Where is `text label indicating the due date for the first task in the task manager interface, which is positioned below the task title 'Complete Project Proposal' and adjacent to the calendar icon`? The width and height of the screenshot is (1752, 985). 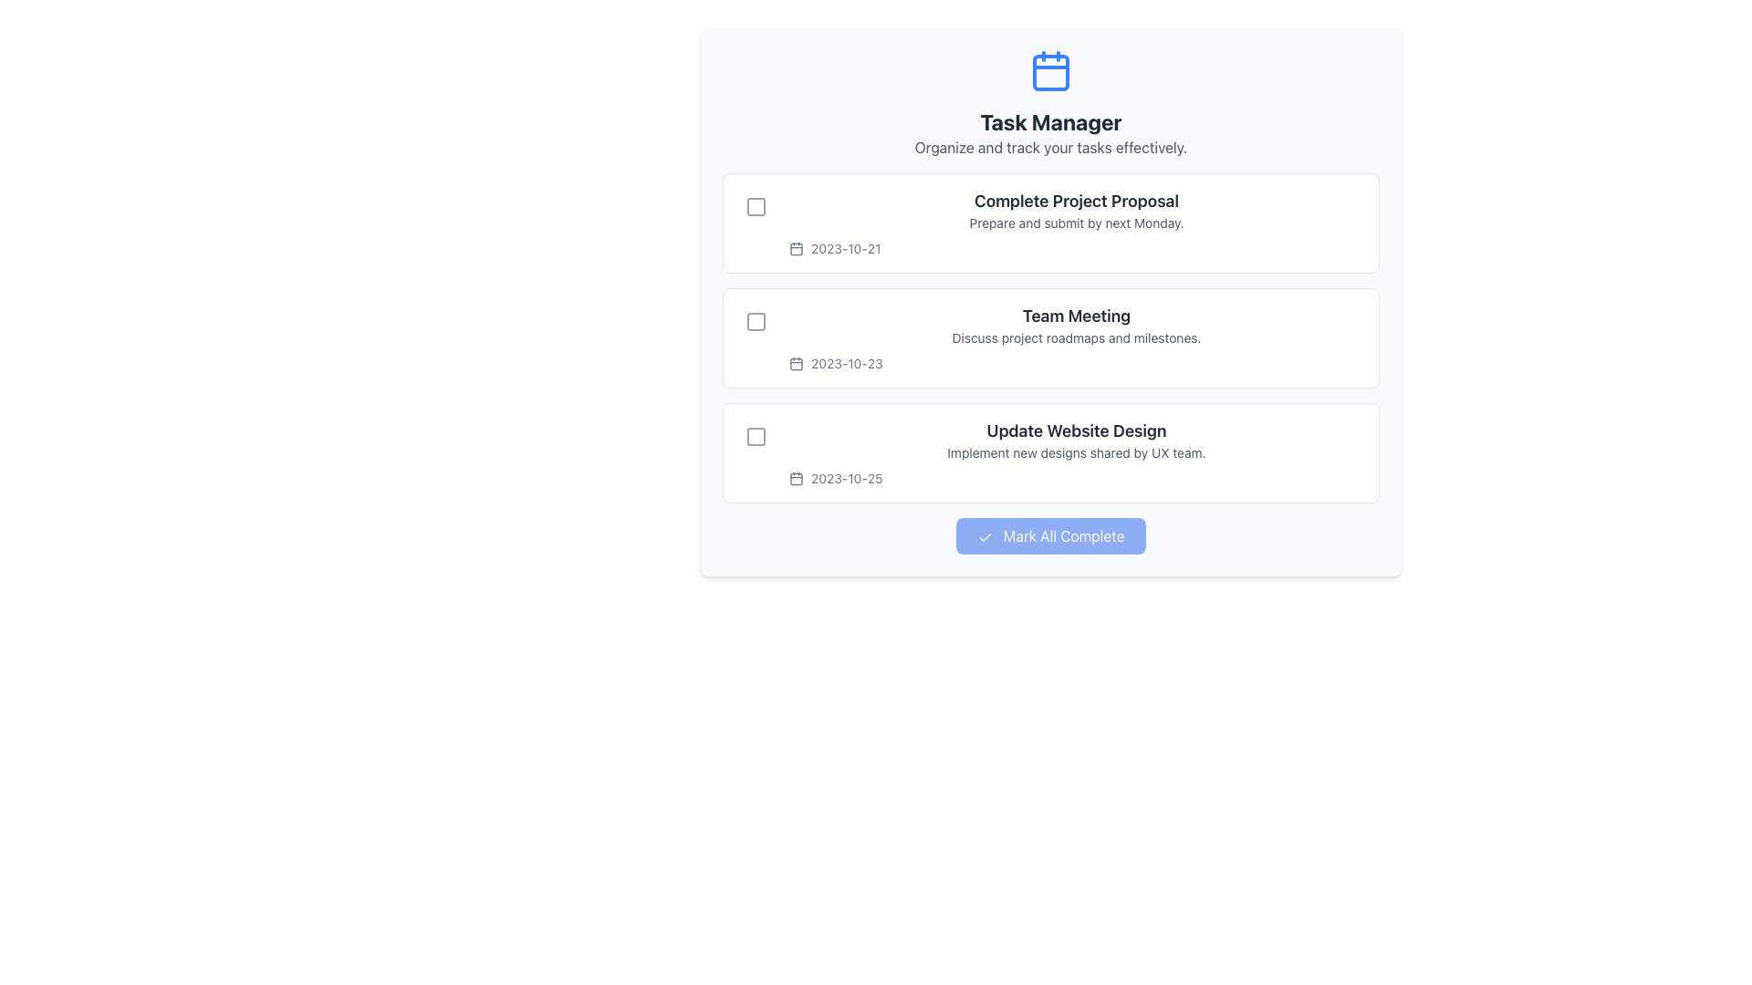 text label indicating the due date for the first task in the task manager interface, which is positioned below the task title 'Complete Project Proposal' and adjacent to the calendar icon is located at coordinates (845, 249).